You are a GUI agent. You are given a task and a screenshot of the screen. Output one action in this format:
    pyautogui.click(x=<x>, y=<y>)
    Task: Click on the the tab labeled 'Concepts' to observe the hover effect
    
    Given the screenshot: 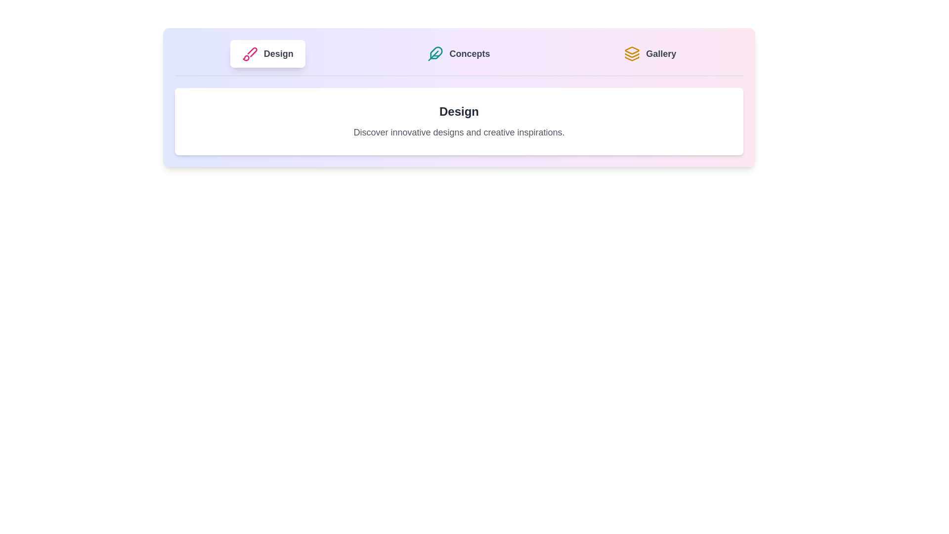 What is the action you would take?
    pyautogui.click(x=458, y=53)
    